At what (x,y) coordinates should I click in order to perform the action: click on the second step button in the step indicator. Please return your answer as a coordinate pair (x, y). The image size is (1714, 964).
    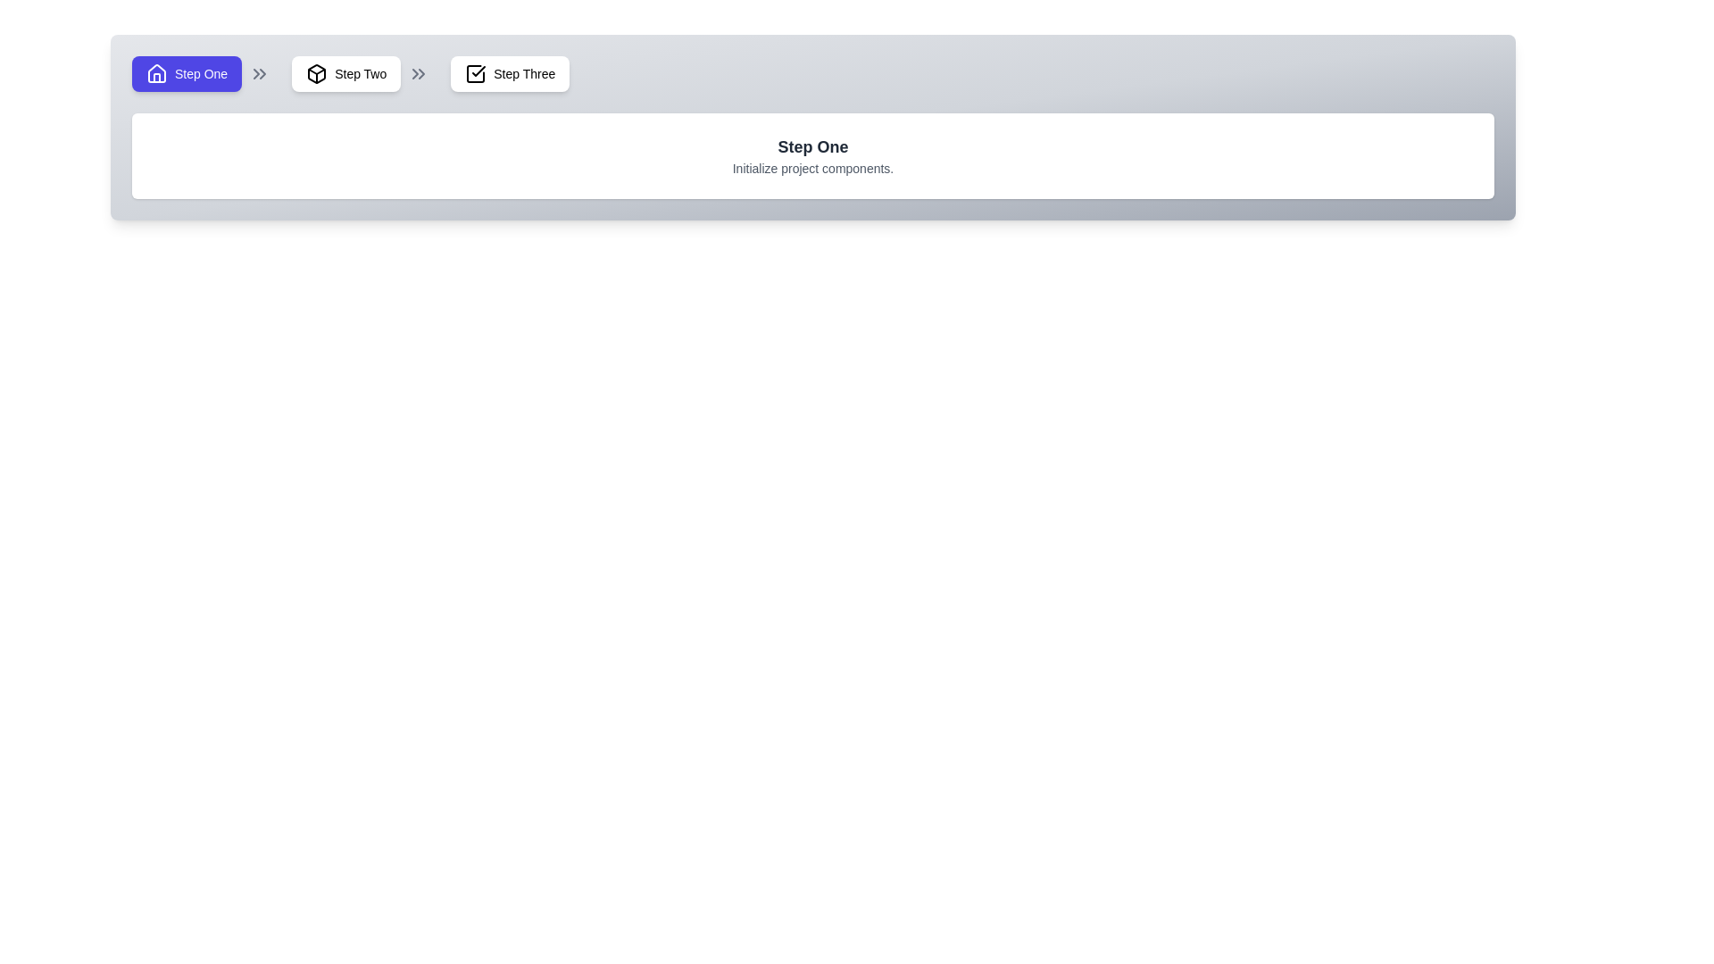
    Looking at the image, I should click on (363, 73).